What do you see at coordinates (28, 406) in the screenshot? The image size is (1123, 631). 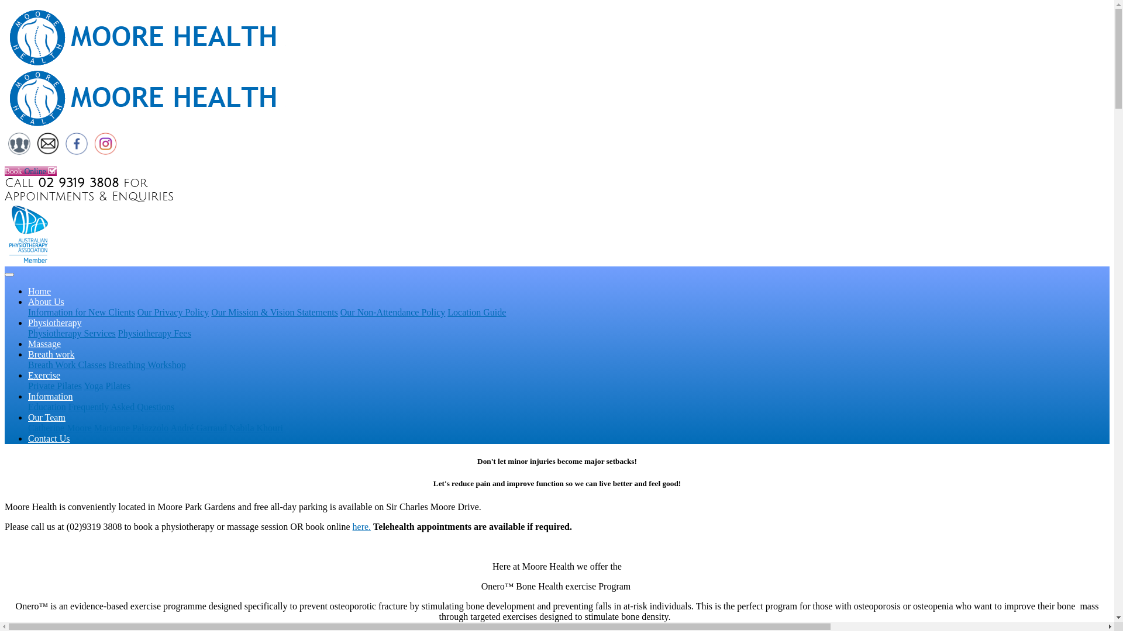 I see `'Education'` at bounding box center [28, 406].